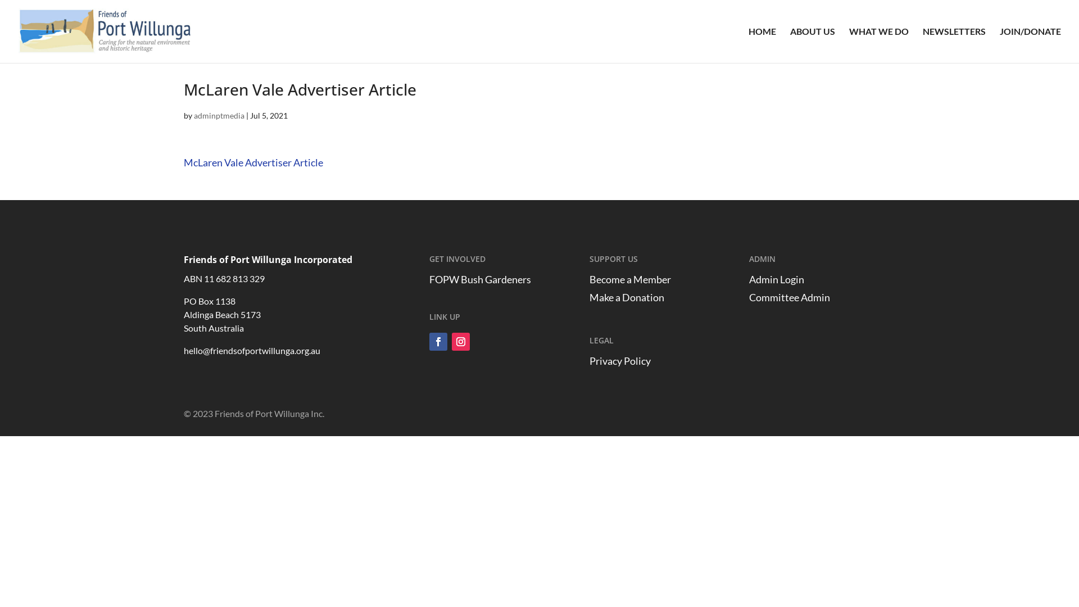  What do you see at coordinates (251, 350) in the screenshot?
I see `'hello@friendsofportwillunga.org.au'` at bounding box center [251, 350].